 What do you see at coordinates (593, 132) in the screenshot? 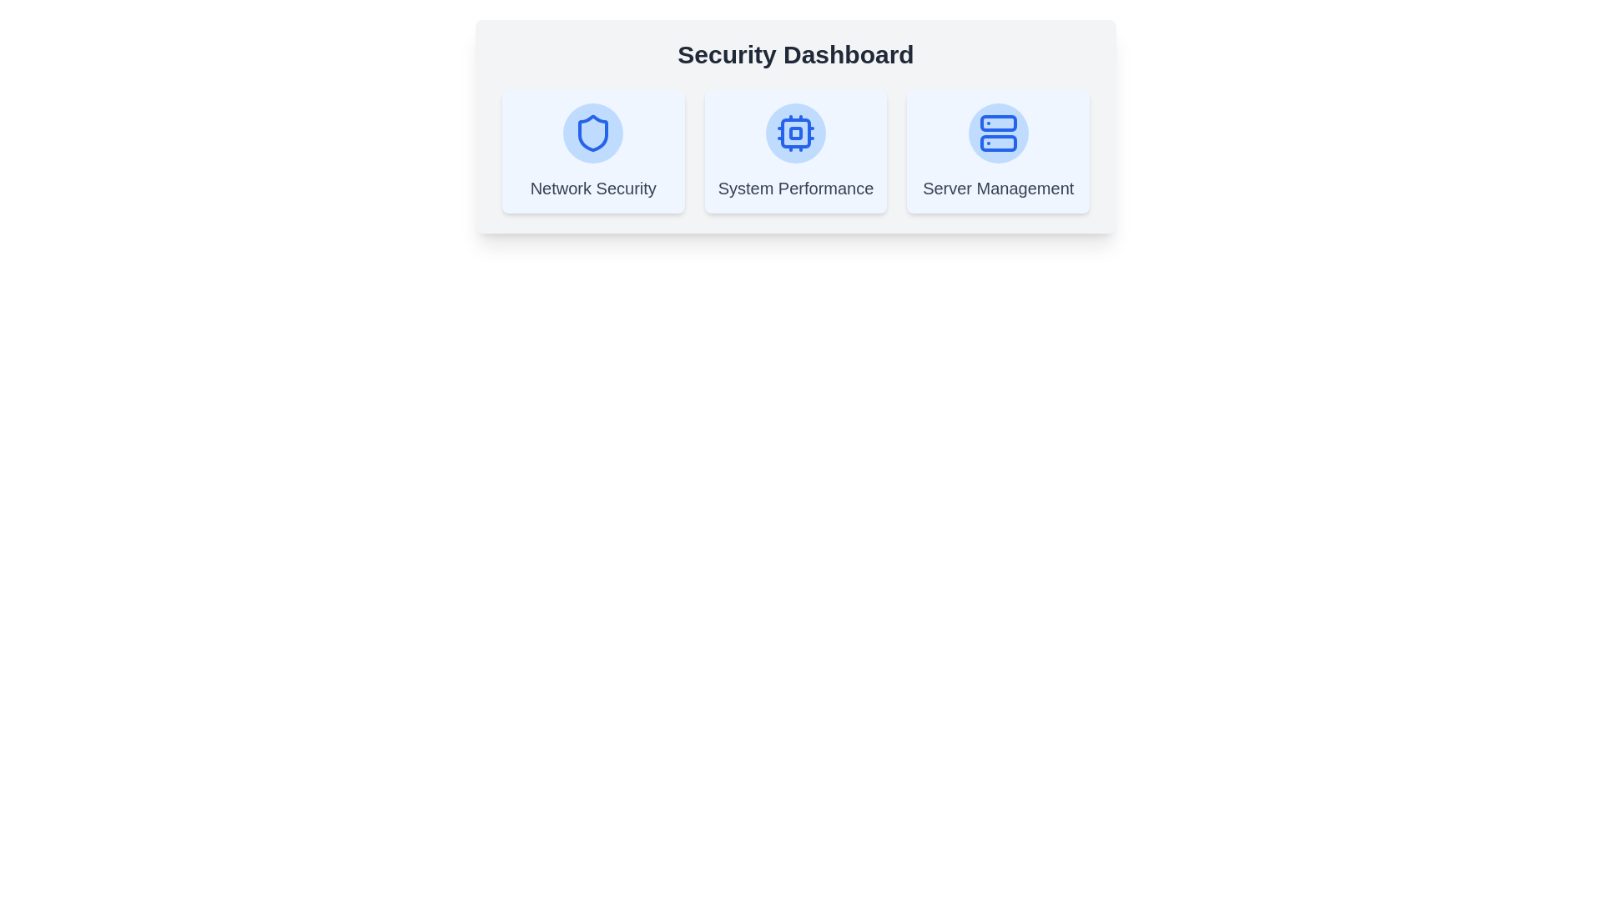
I see `the blue shield-shaped icon located above the 'Network Security' label, positioned to the left of the 'System Performance' element` at bounding box center [593, 132].